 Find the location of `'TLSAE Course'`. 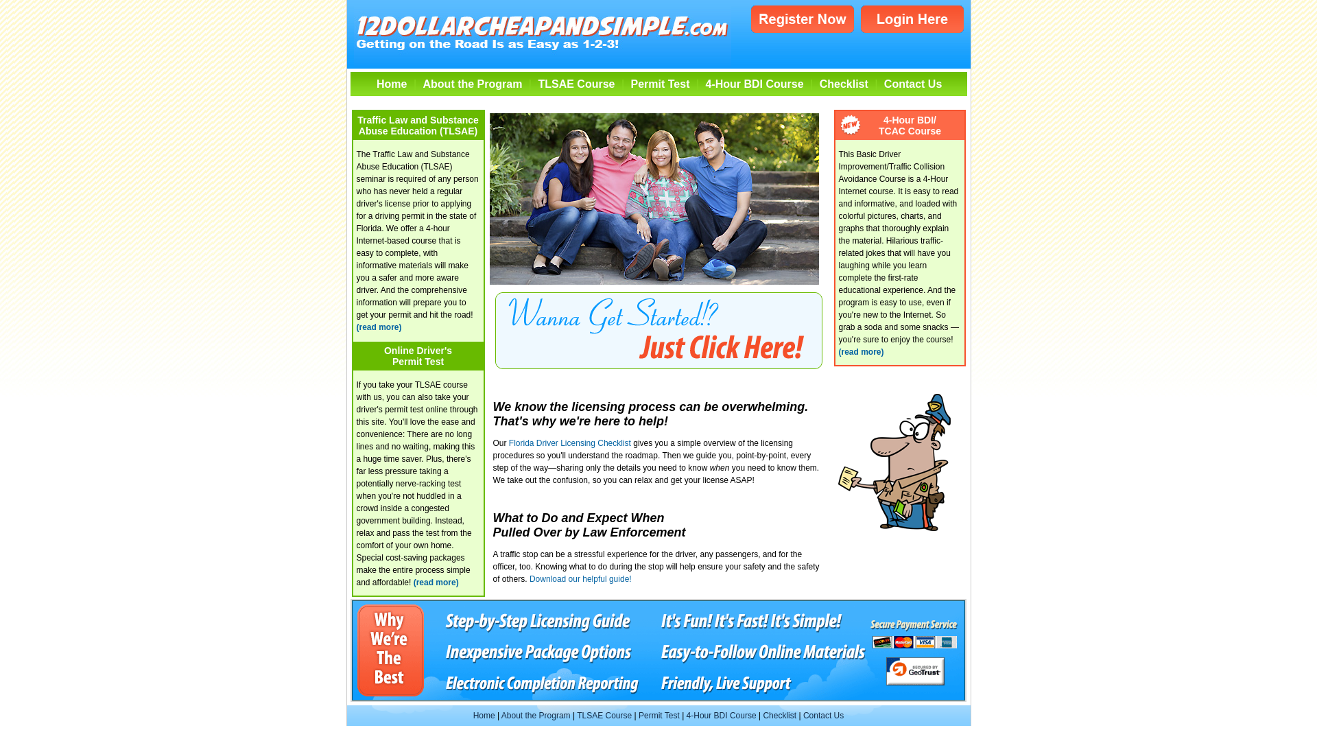

'TLSAE Course' is located at coordinates (604, 714).